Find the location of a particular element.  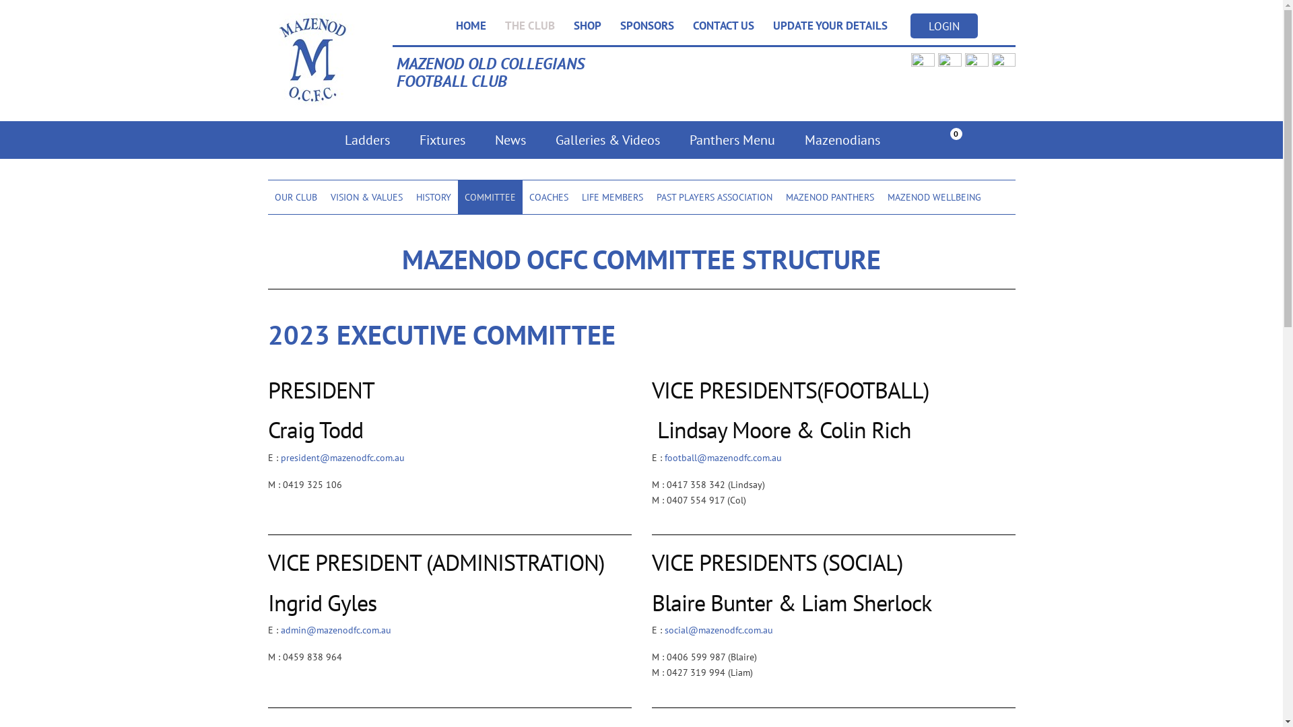

'SHOP' is located at coordinates (587, 26).